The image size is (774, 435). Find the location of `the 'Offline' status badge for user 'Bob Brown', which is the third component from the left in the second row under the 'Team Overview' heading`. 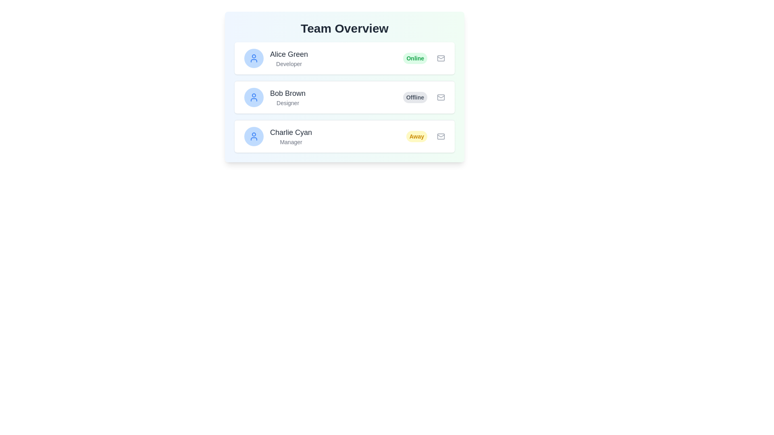

the 'Offline' status badge for user 'Bob Brown', which is the third component from the left in the second row under the 'Team Overview' heading is located at coordinates (415, 97).